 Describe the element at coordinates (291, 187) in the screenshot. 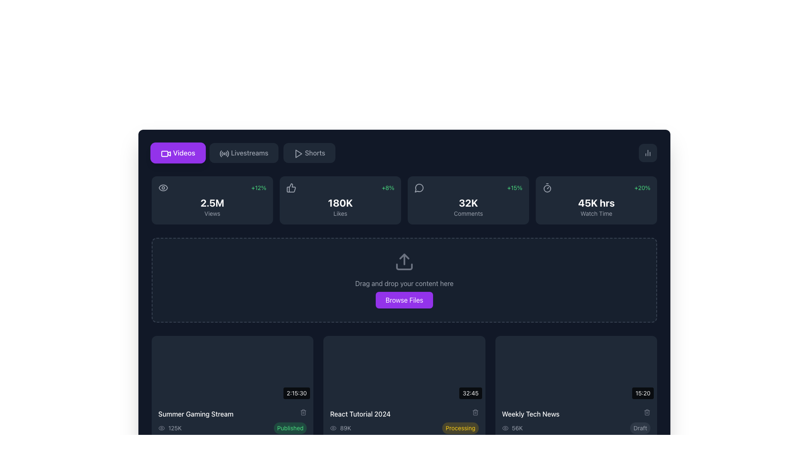

I see `the SVG icon representing 'likes' located to the left of the text '+8%' within the card labeled '180K Likes'` at that location.